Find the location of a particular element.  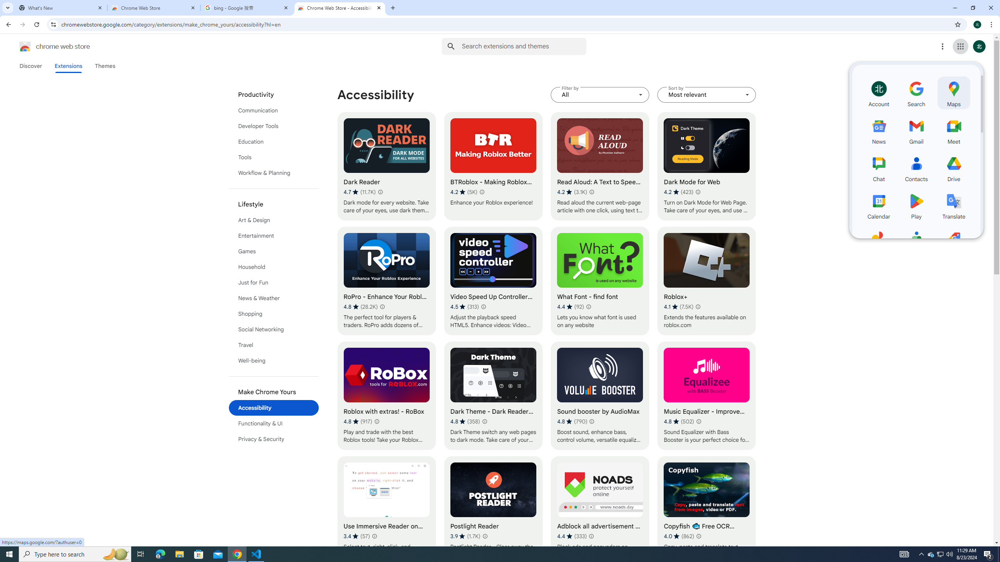

'Social Networking' is located at coordinates (274, 329).